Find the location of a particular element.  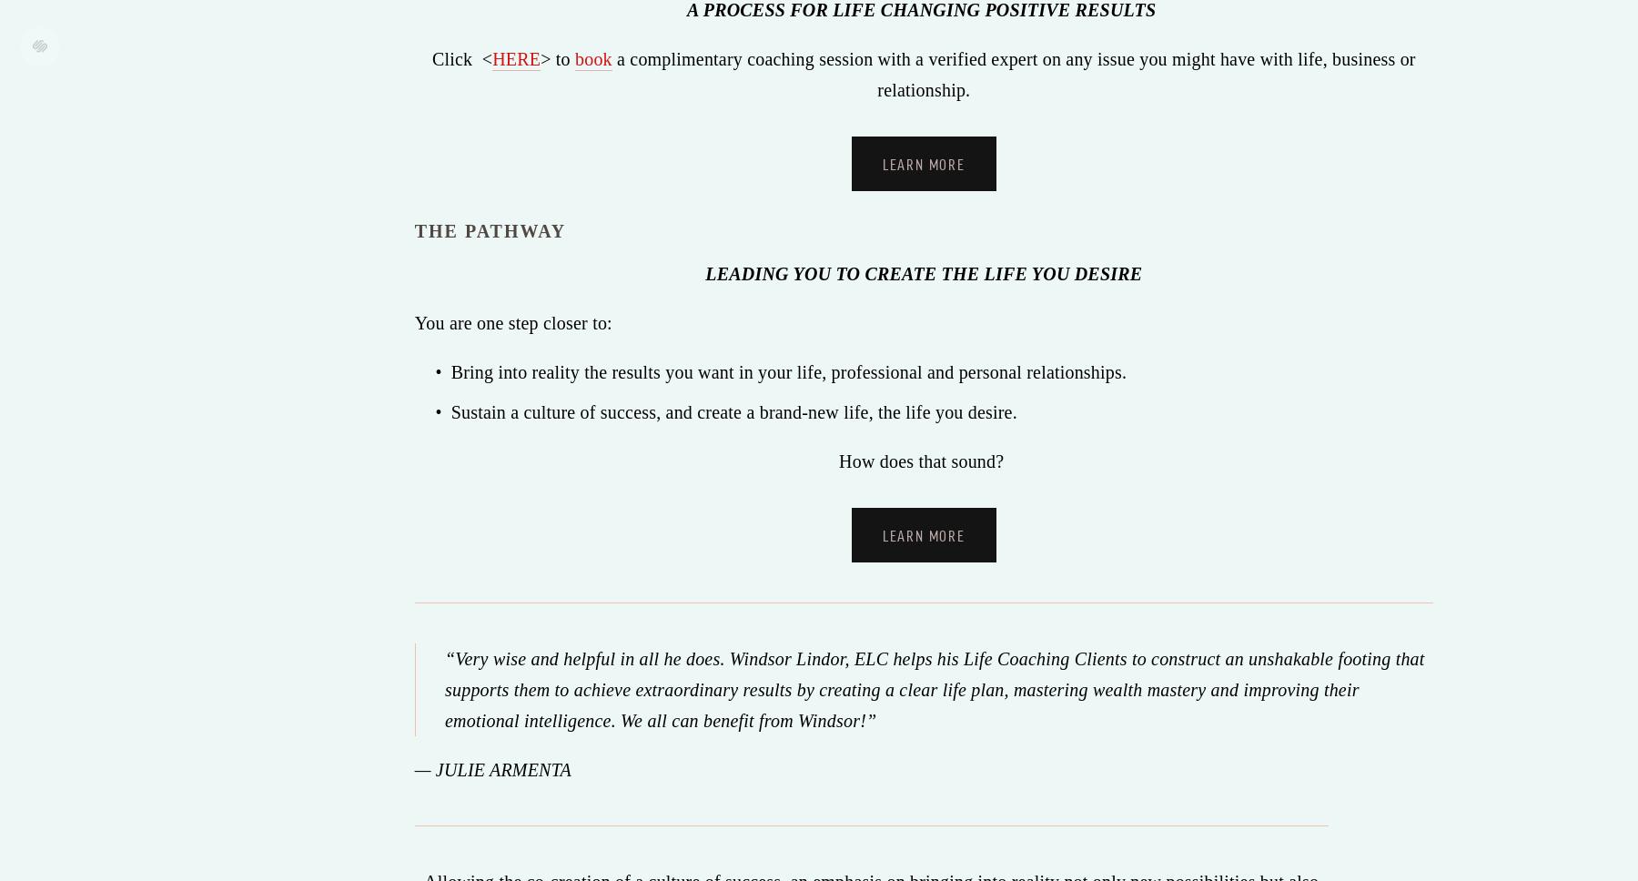

'LEADING YOU TO CREATE THE LIFE YOU DESIRE' is located at coordinates (924, 271).